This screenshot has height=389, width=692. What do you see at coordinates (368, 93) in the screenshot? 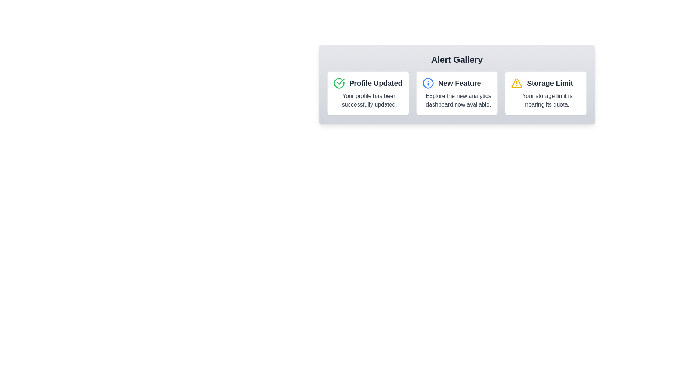
I see `the Information Card that conveys a success message for profile updates, located at the top-left corner of the grid in the 'Alert Gallery'` at bounding box center [368, 93].